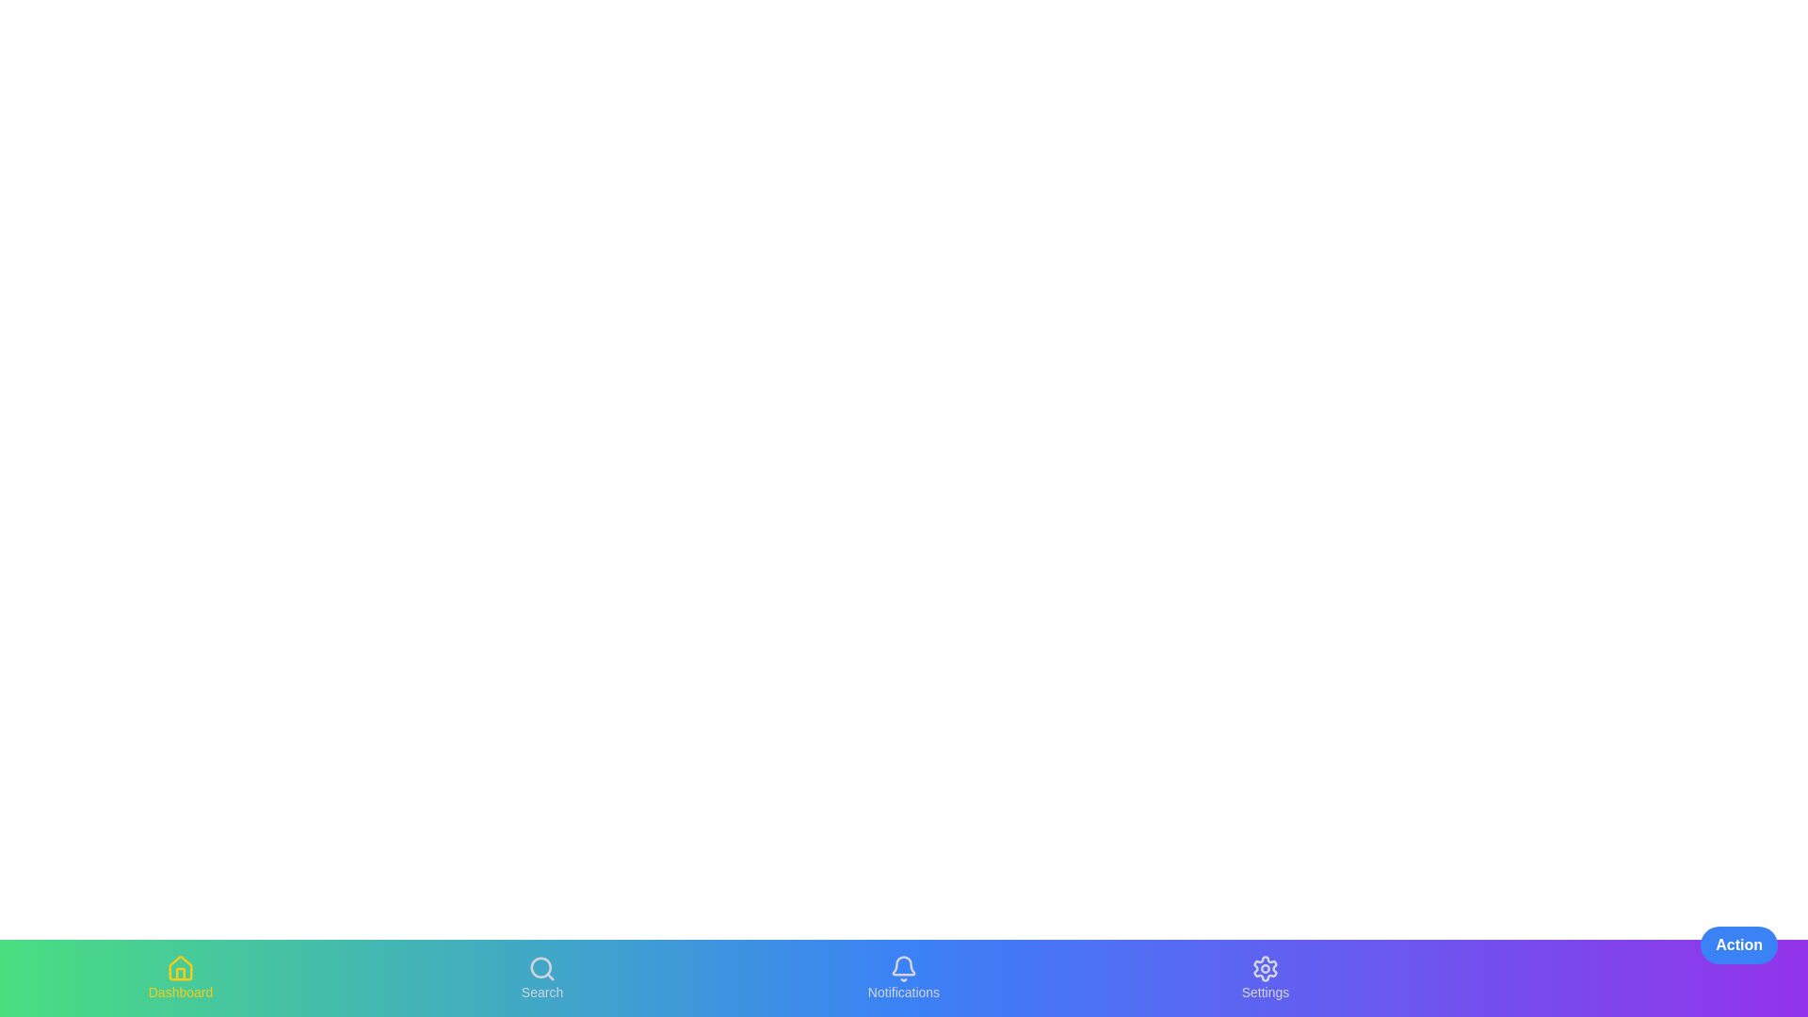 Image resolution: width=1808 pixels, height=1017 pixels. Describe the element at coordinates (541, 977) in the screenshot. I see `the navigation item labeled Search` at that location.